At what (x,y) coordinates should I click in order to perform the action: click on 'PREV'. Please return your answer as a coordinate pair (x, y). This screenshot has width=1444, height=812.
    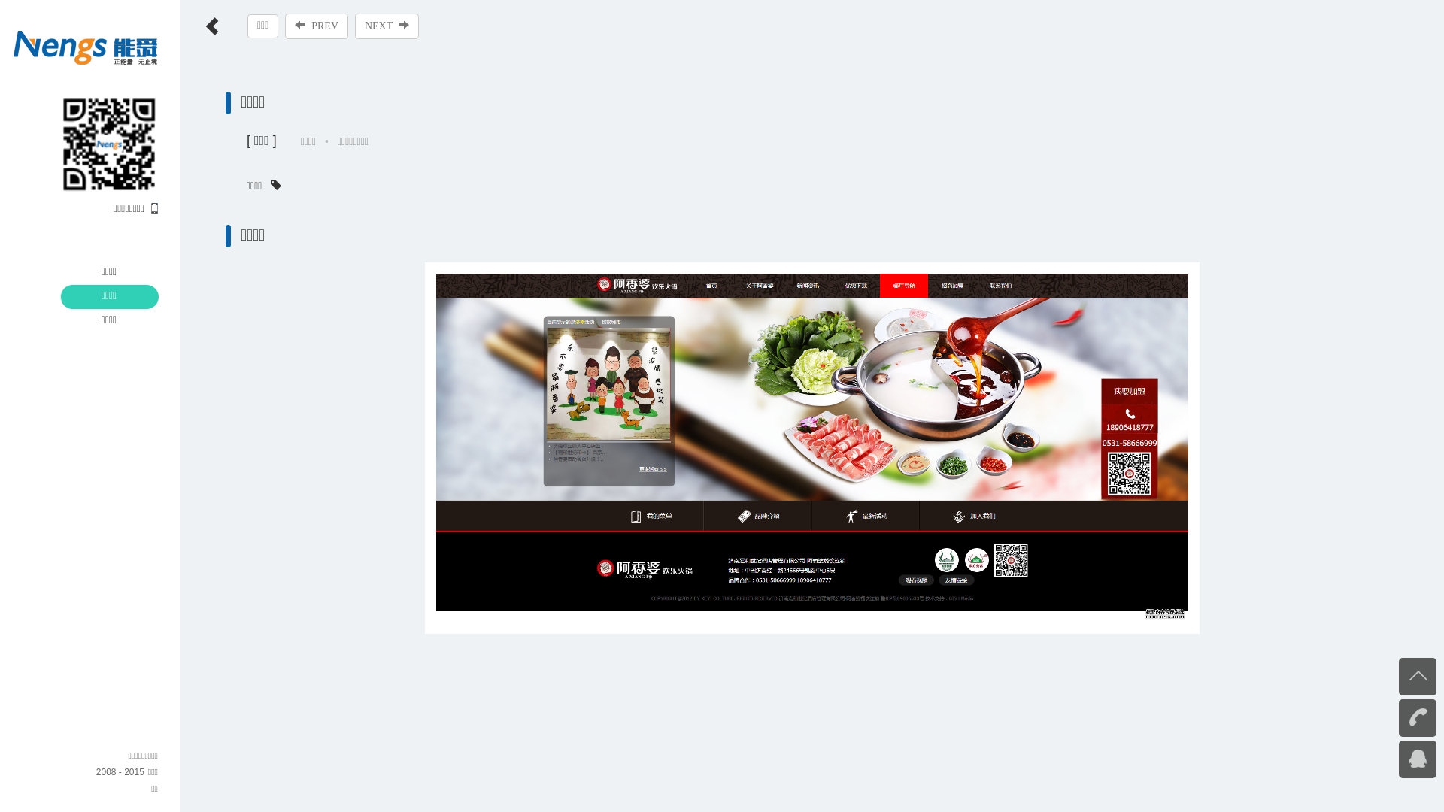
    Looking at the image, I should click on (316, 26).